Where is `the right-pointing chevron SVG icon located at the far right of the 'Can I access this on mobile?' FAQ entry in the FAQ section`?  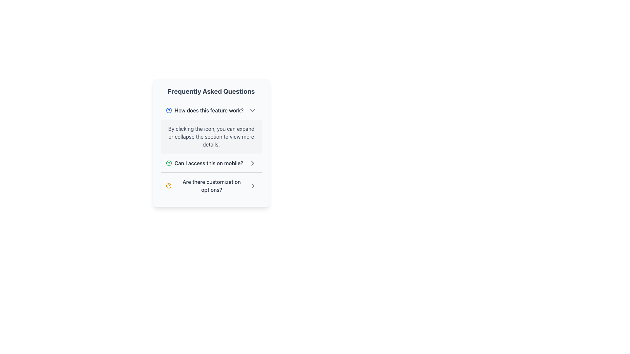
the right-pointing chevron SVG icon located at the far right of the 'Can I access this on mobile?' FAQ entry in the FAQ section is located at coordinates (252, 186).